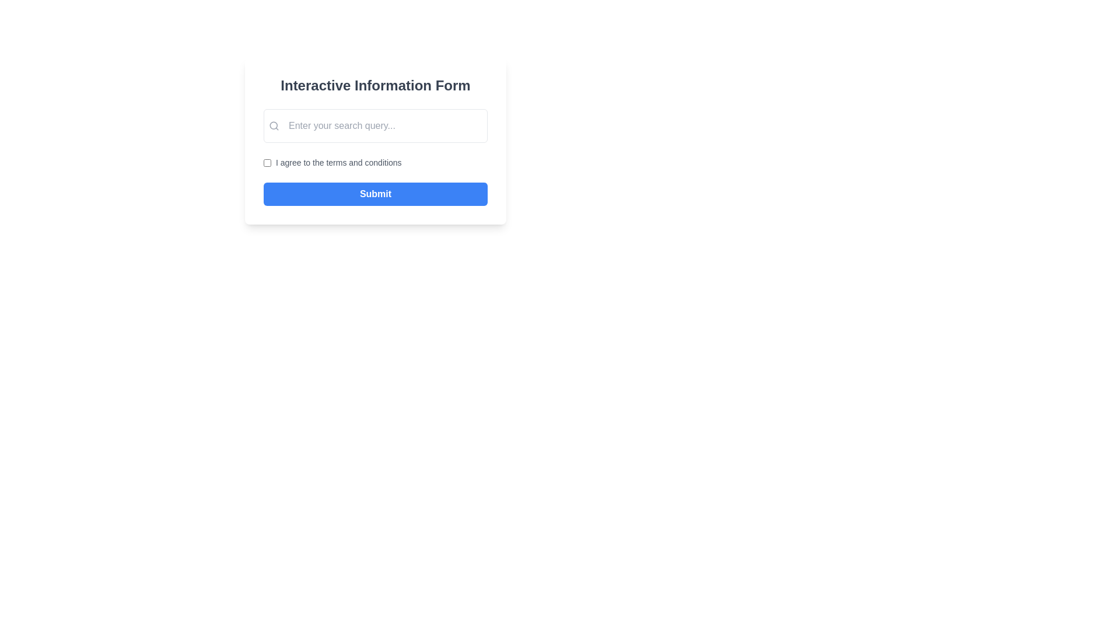  I want to click on the circular search icon with a gray border, located at the leftmost edge of the input field, so click(273, 125).